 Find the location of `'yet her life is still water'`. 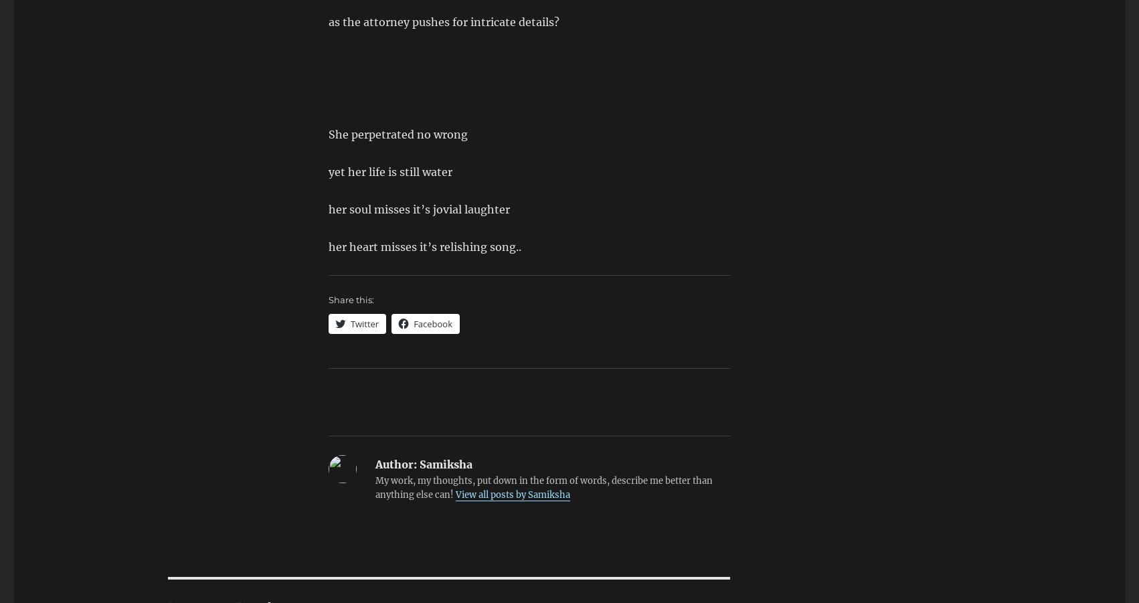

'yet her life is still water' is located at coordinates (328, 171).